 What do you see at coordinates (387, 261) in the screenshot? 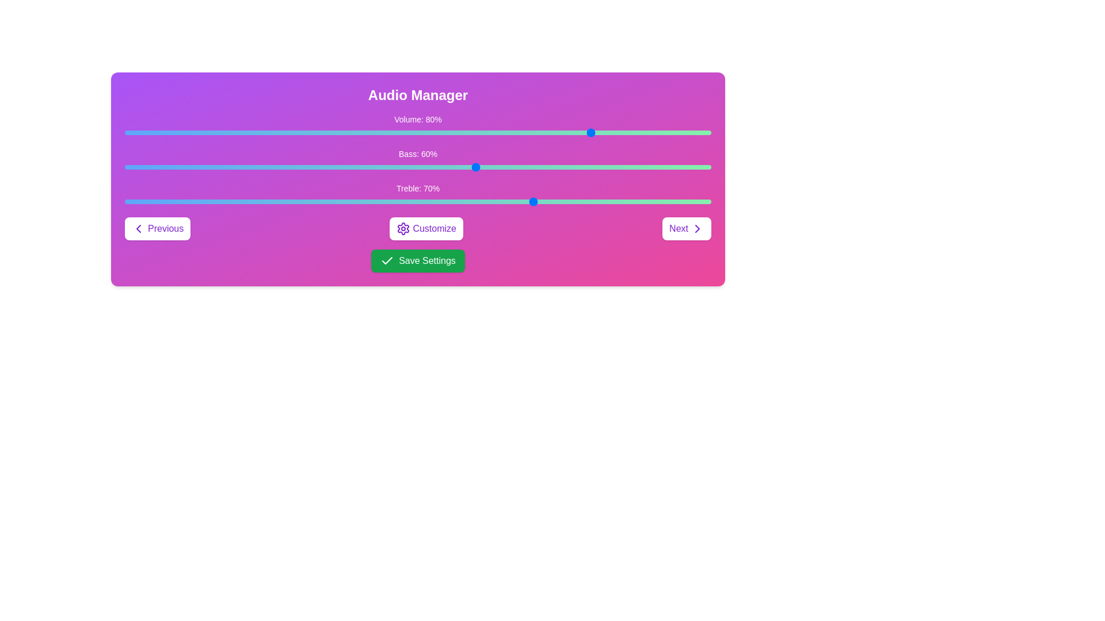
I see `the save settings icon located to the left of the 'Save Settings' text in the footer section of the interface` at bounding box center [387, 261].